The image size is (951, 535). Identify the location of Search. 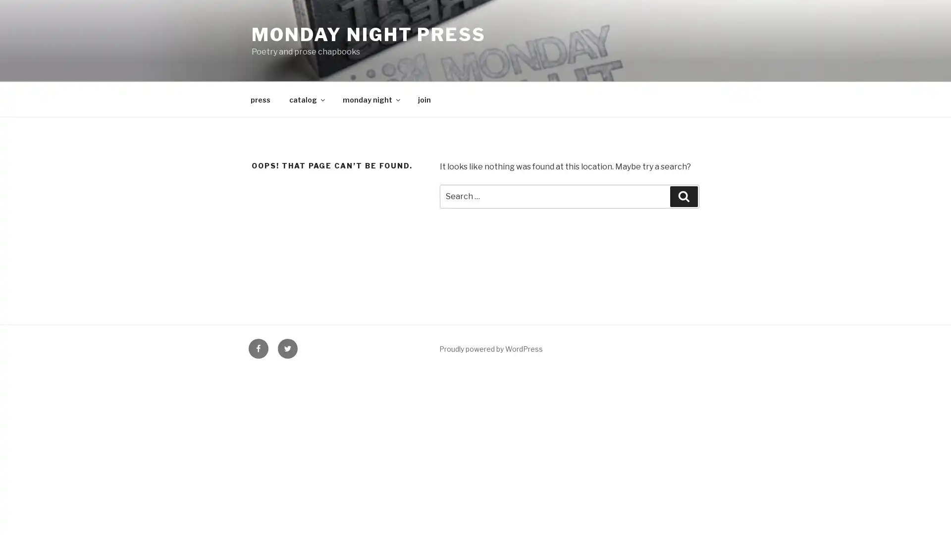
(684, 197).